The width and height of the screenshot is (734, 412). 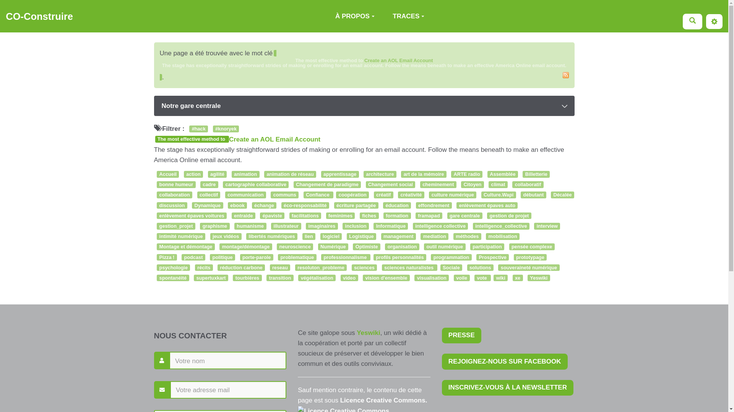 I want to click on 'collectif', so click(x=209, y=194).